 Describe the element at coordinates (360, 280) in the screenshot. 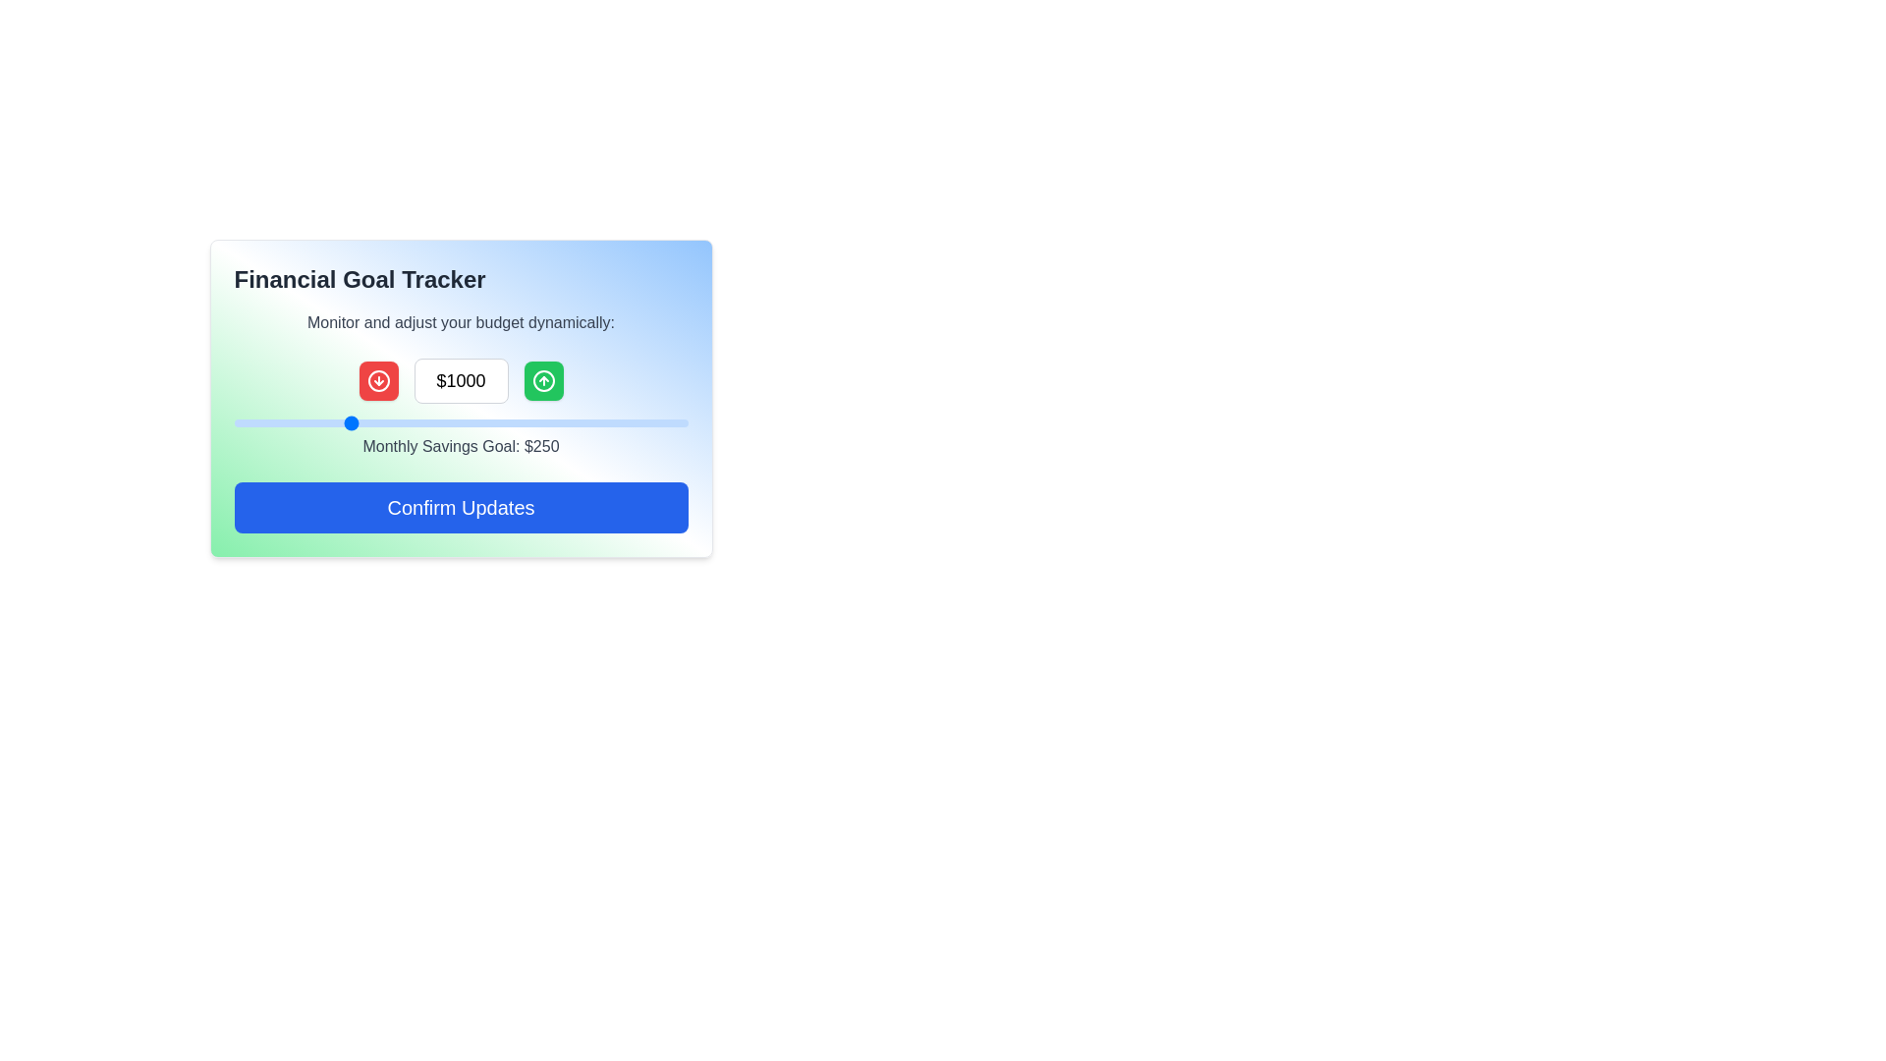

I see `the text header displaying 'Financial Goal Tracker', which is styled with a bold, large font in dark gray and located near the top-left of the budget tracking section` at that location.